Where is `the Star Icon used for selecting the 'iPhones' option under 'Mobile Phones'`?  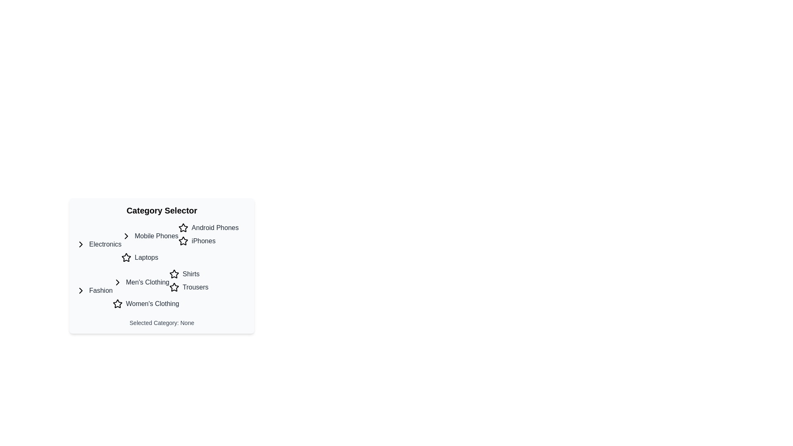
the Star Icon used for selecting the 'iPhones' option under 'Mobile Phones' is located at coordinates (183, 241).